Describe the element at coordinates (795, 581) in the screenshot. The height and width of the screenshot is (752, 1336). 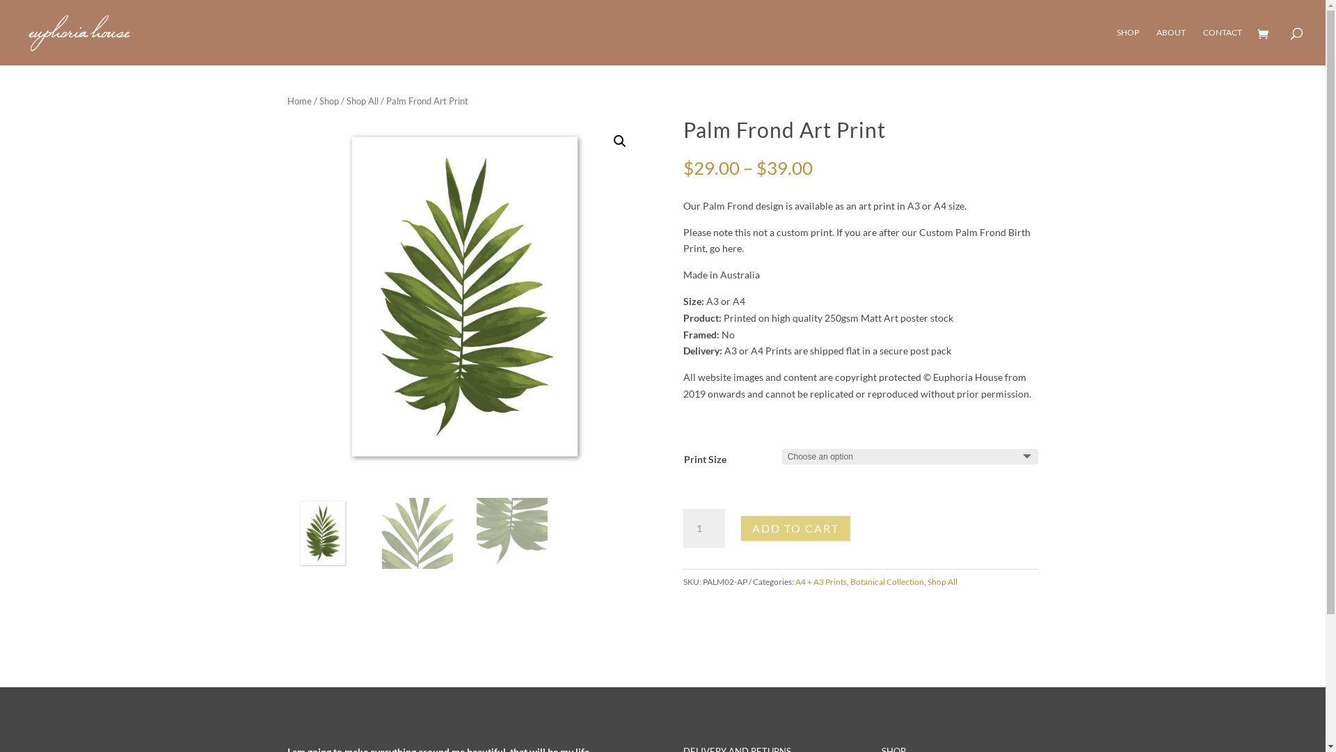
I see `'A4 + A3 Prints'` at that location.